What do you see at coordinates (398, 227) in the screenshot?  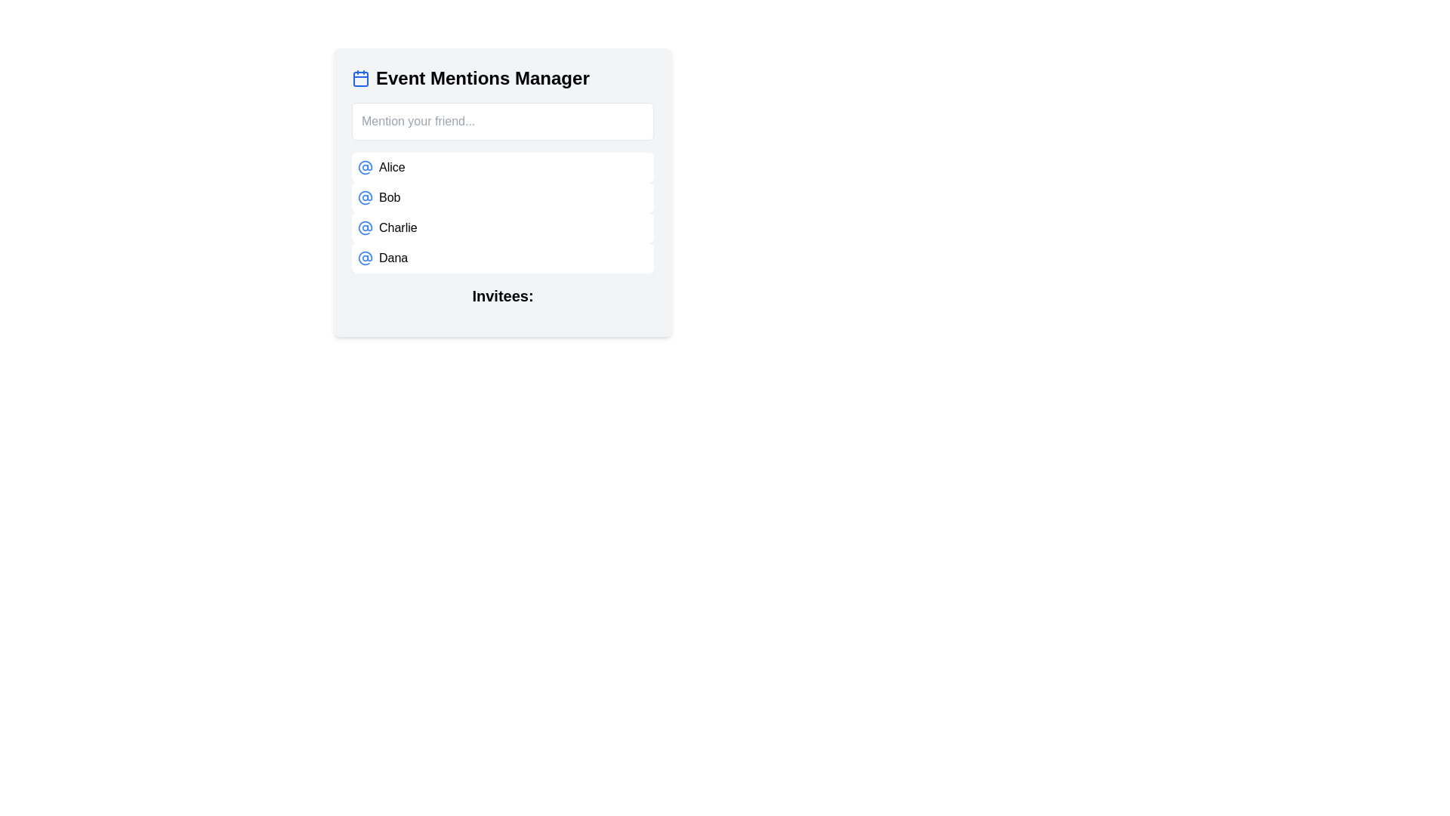 I see `the text label that identifies the third item in the list of names, positioned slightly to the right of the '@' symbol` at bounding box center [398, 227].